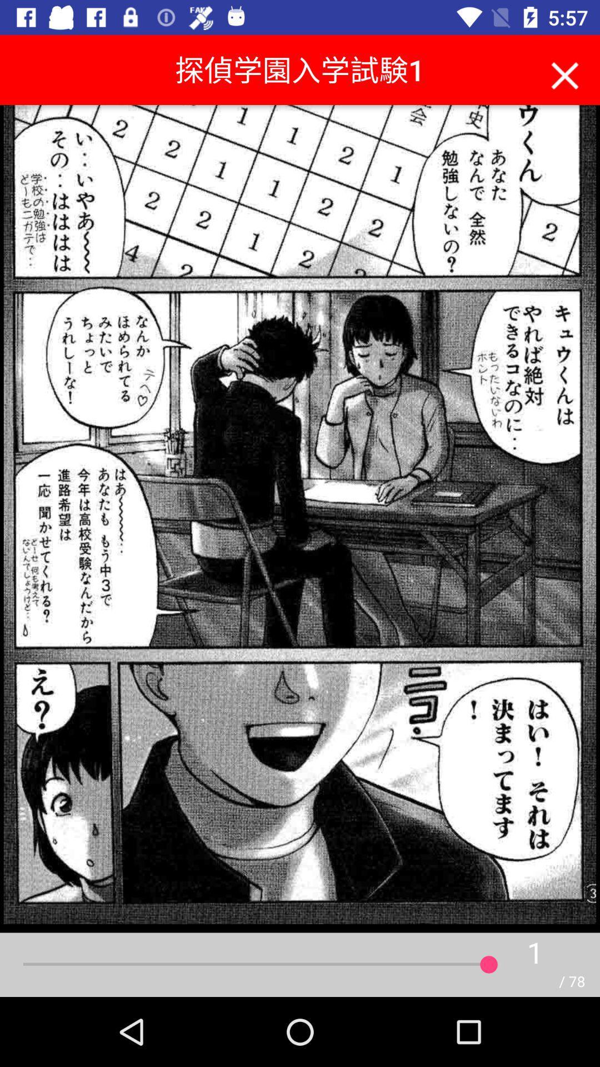 The image size is (600, 1067). I want to click on icon above the 1 item, so click(565, 72).